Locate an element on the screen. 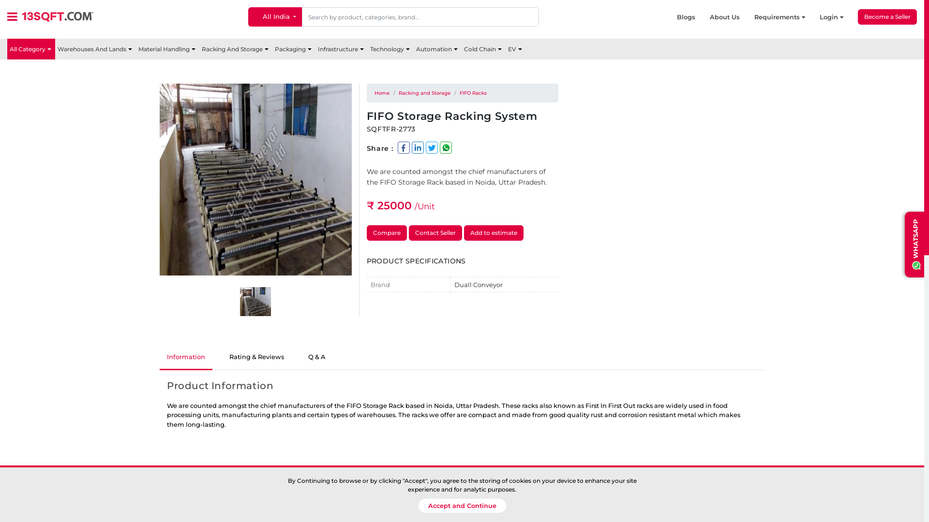 This screenshot has width=929, height=522. 'Q & A' is located at coordinates (316, 358).